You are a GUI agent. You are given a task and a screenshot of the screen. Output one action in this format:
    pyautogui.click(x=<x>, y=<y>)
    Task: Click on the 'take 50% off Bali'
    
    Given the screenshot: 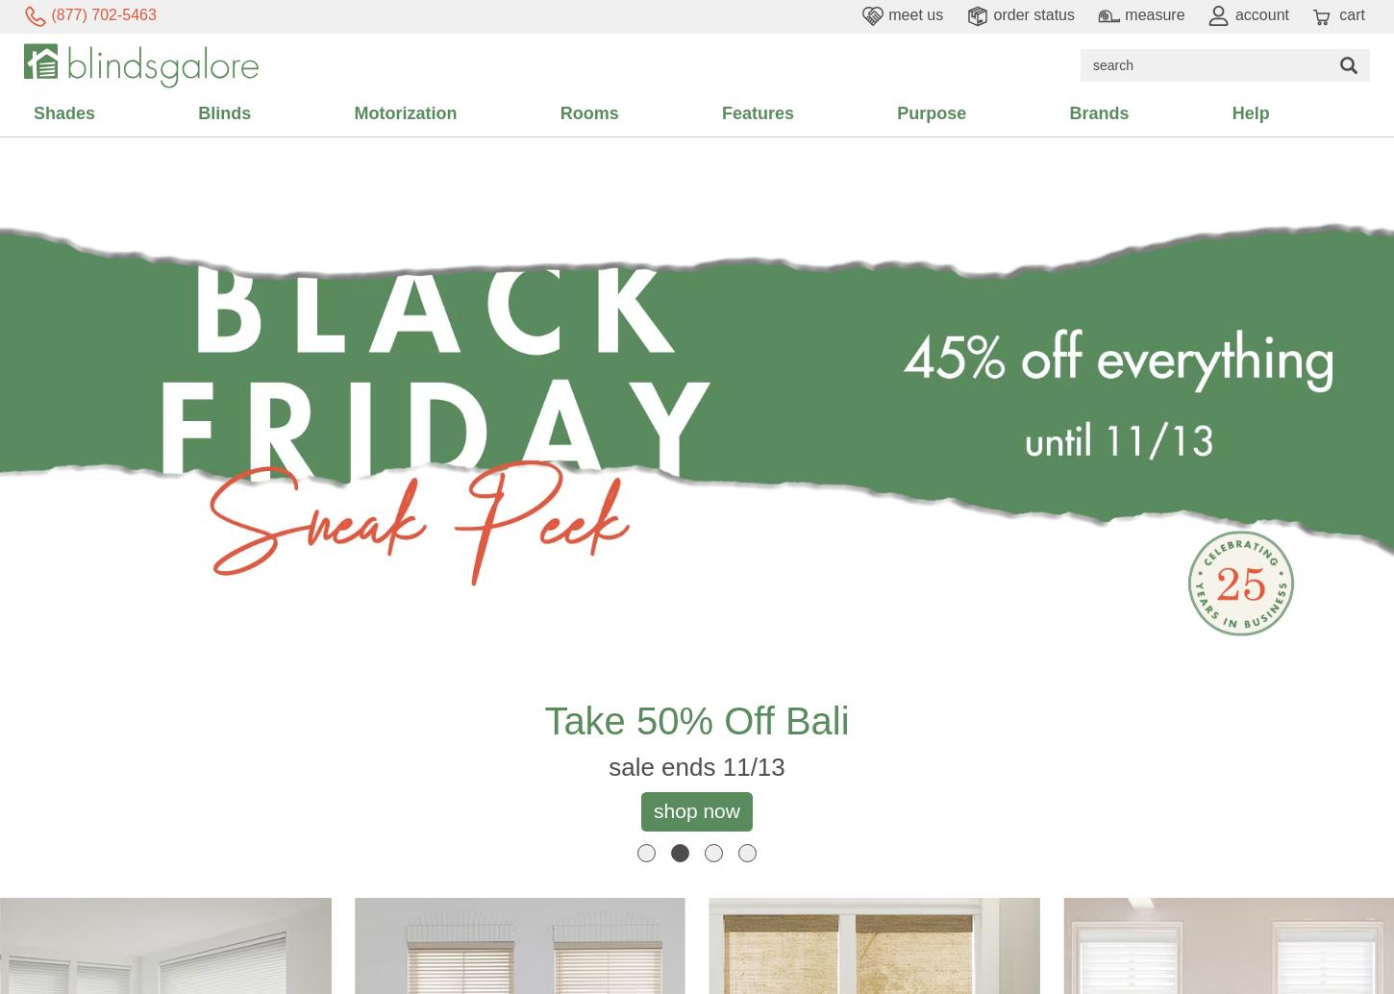 What is the action you would take?
    pyautogui.click(x=695, y=720)
    